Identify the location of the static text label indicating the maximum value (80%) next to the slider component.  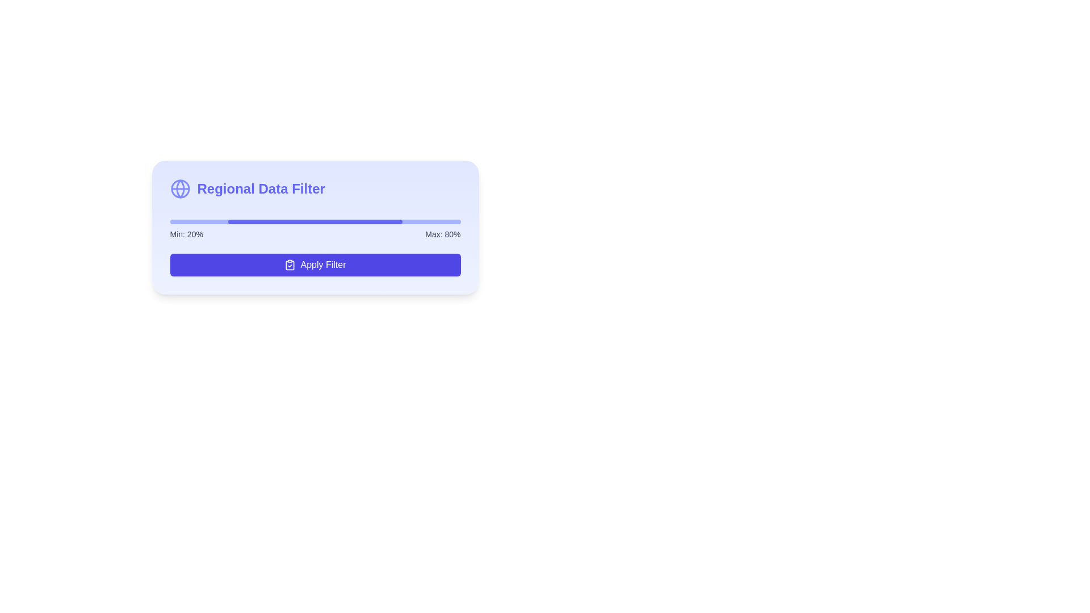
(442, 233).